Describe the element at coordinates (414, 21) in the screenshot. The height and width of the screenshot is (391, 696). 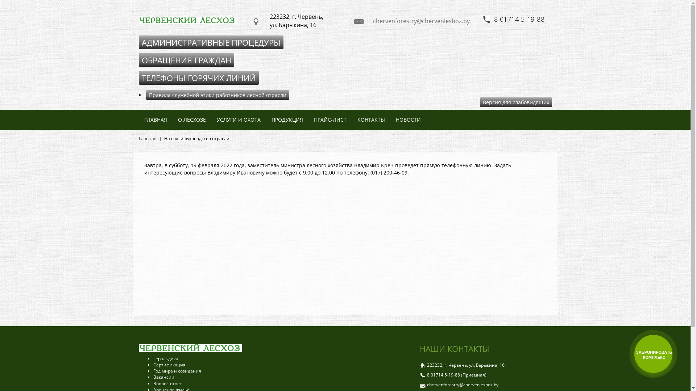
I see `'chervenforestry@chervenleshoz.by'` at that location.